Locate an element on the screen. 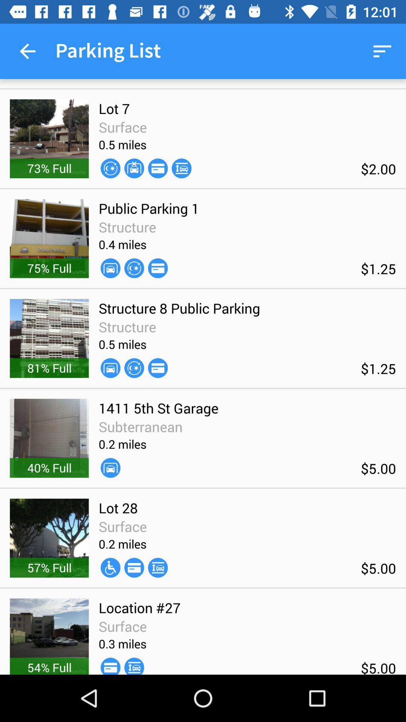 This screenshot has height=722, width=406. icon below the 0.2 miles icon is located at coordinates (110, 567).